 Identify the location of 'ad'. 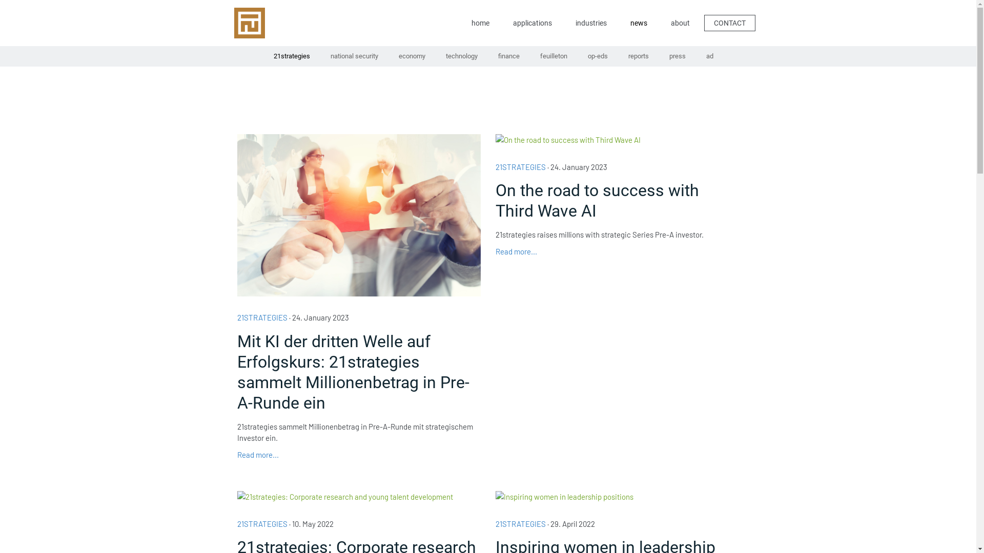
(709, 56).